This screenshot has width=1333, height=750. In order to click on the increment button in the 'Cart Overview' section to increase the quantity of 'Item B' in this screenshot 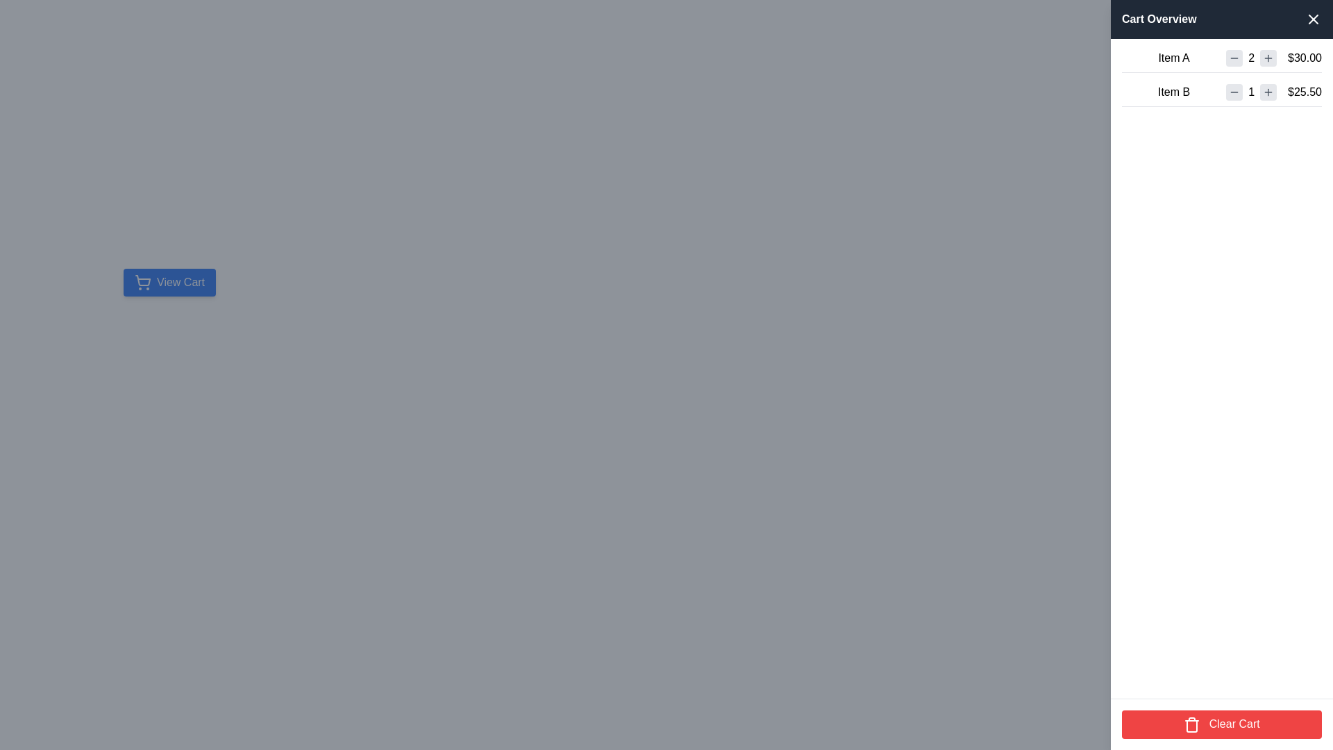, I will do `click(1268, 92)`.